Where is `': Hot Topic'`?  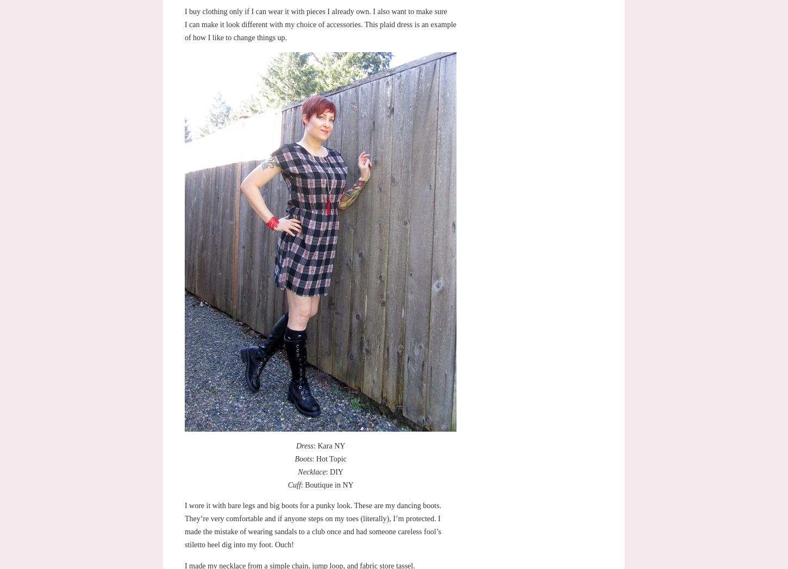 ': Hot Topic' is located at coordinates (312, 459).